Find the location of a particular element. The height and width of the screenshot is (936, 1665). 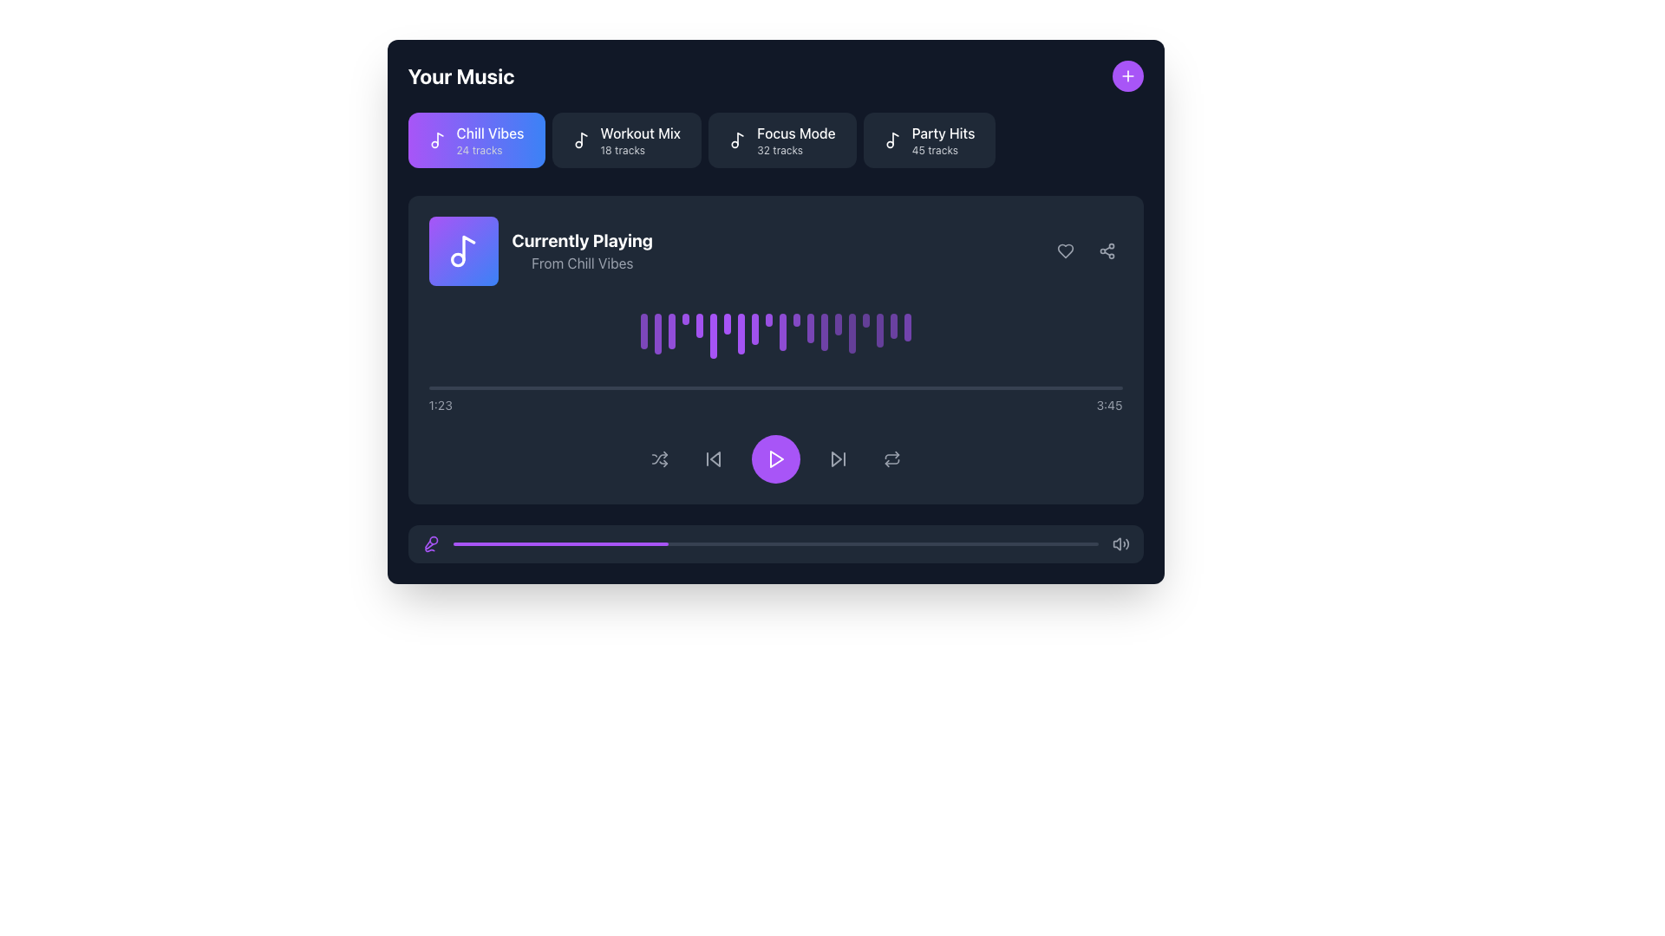

the small, white, cross-shaped '+' icon within the circular purple button located at the top-right corner of the interface is located at coordinates (1127, 75).